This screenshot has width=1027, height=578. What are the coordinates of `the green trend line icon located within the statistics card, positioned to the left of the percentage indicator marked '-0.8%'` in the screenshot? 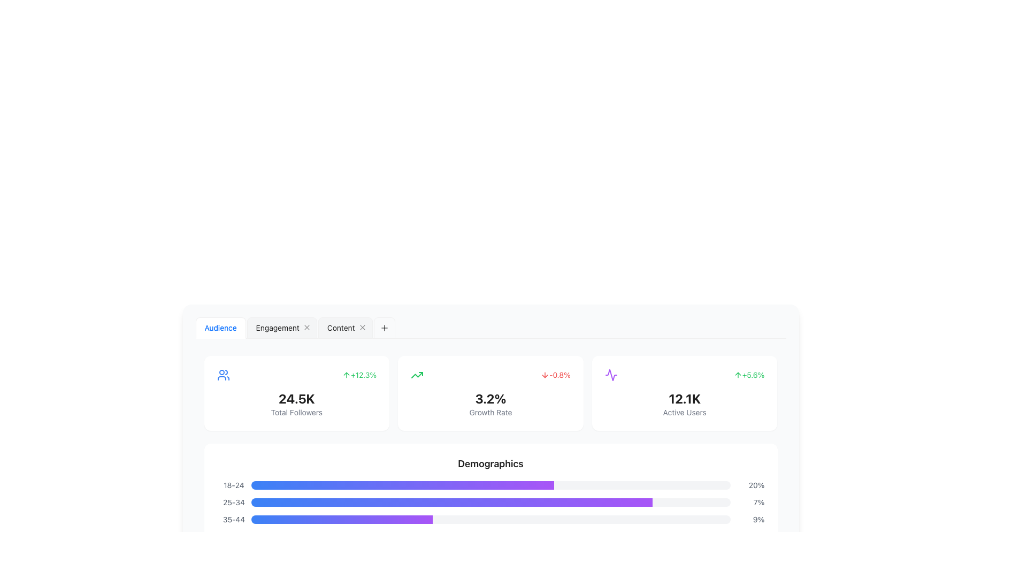 It's located at (417, 375).